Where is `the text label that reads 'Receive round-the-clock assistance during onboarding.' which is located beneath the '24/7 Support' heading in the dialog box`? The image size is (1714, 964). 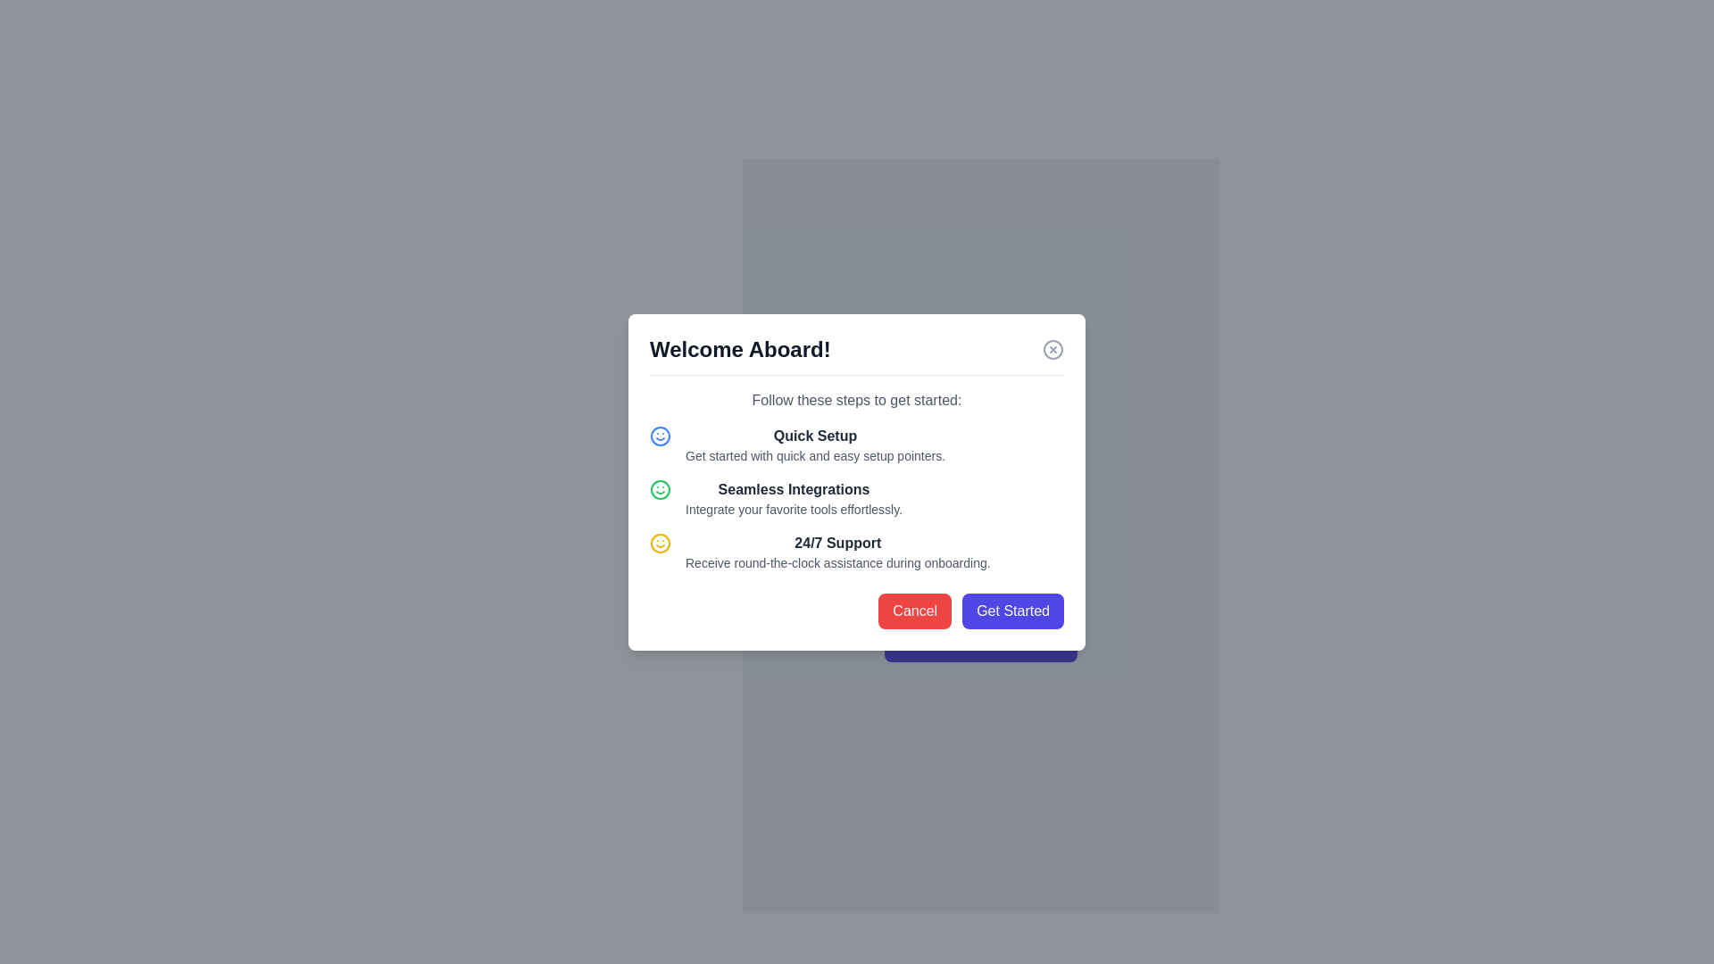
the text label that reads 'Receive round-the-clock assistance during onboarding.' which is located beneath the '24/7 Support' heading in the dialog box is located at coordinates (836, 562).